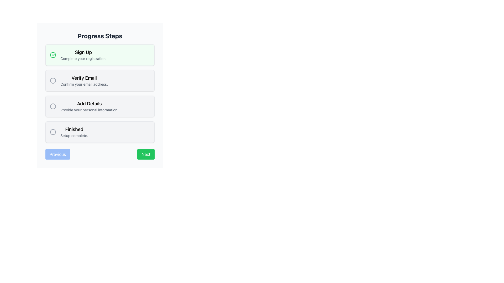 The height and width of the screenshot is (283, 504). Describe the element at coordinates (74, 132) in the screenshot. I see `the completion status Label which indicates that the setup is complete, located below the 'Add Details' section in a rounded rectangular box` at that location.